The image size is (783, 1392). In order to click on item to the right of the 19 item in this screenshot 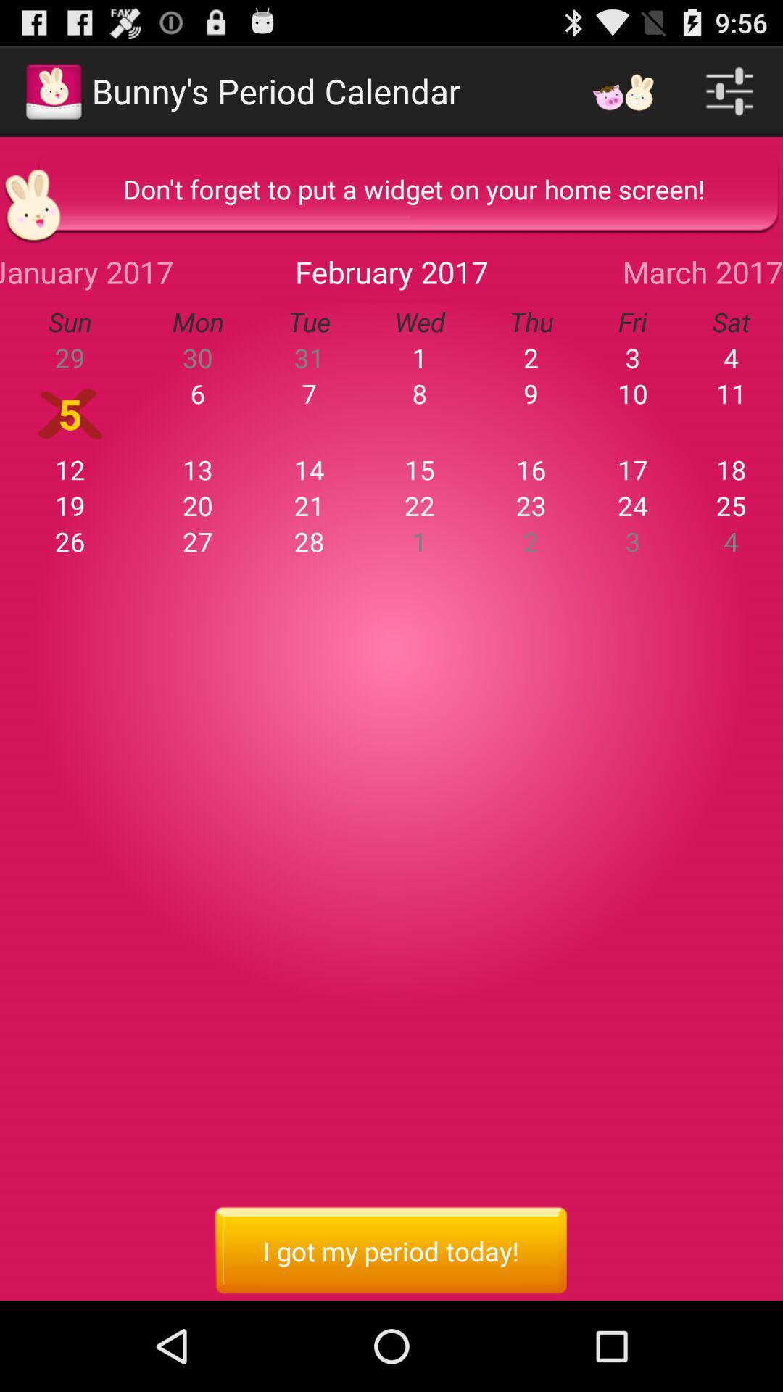, I will do `click(198, 541)`.